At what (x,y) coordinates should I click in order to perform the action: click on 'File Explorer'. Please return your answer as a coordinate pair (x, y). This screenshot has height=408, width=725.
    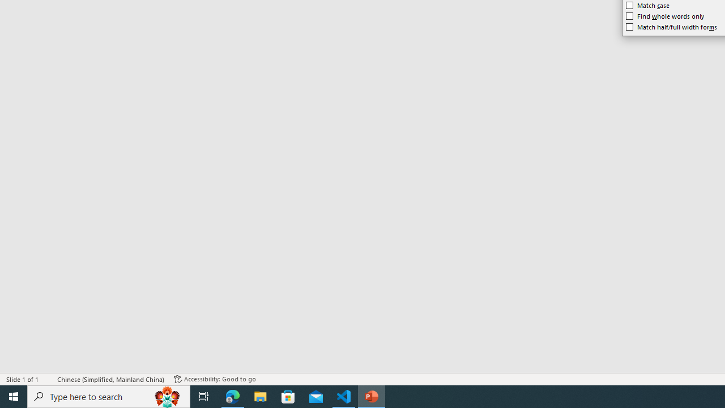
    Looking at the image, I should click on (260, 396).